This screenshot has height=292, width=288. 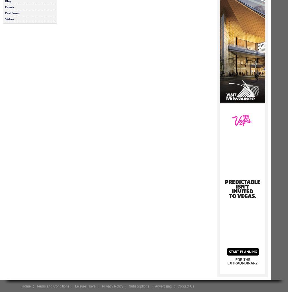 What do you see at coordinates (139, 286) in the screenshot?
I see `'Subscriptions'` at bounding box center [139, 286].